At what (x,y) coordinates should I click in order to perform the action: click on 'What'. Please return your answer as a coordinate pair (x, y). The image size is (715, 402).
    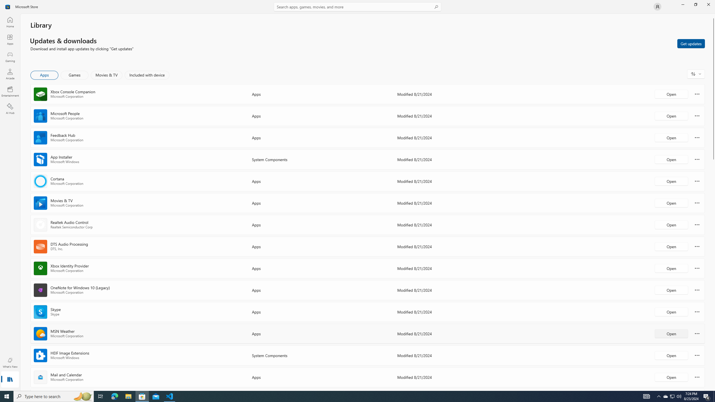
    Looking at the image, I should click on (9, 362).